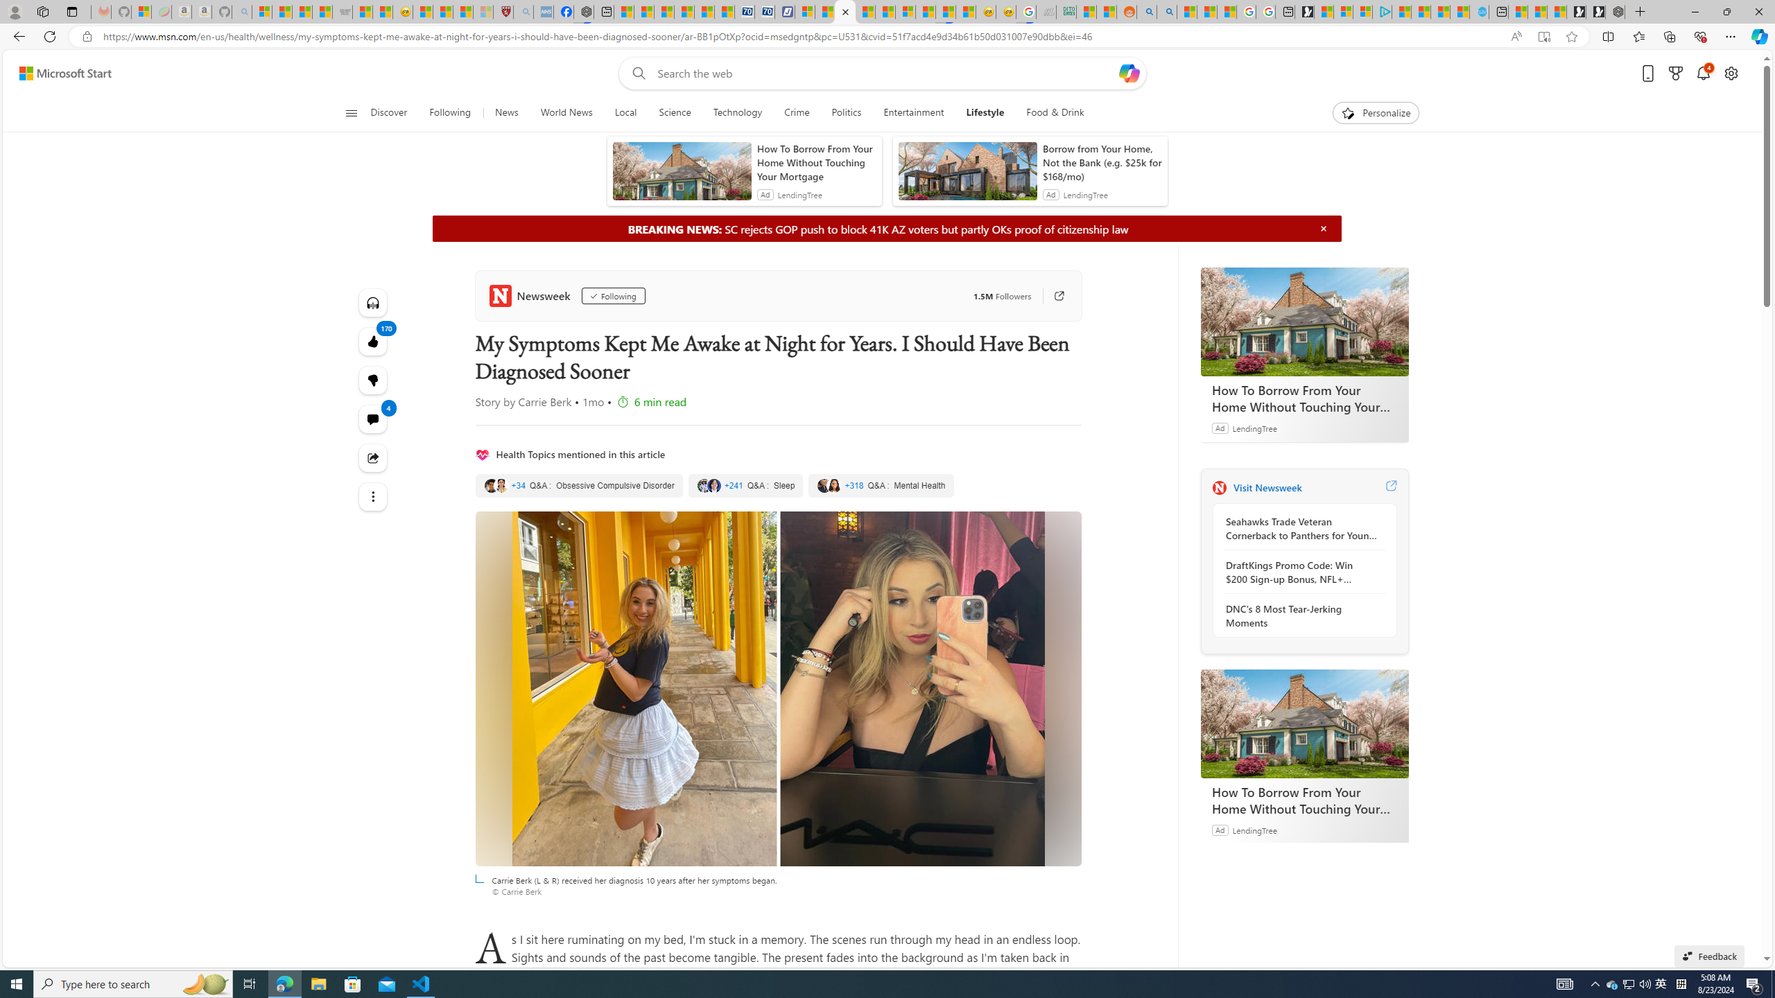 Image resolution: width=1775 pixels, height=998 pixels. Describe the element at coordinates (1085, 11) in the screenshot. I see `'MSNBC - MSN'` at that location.